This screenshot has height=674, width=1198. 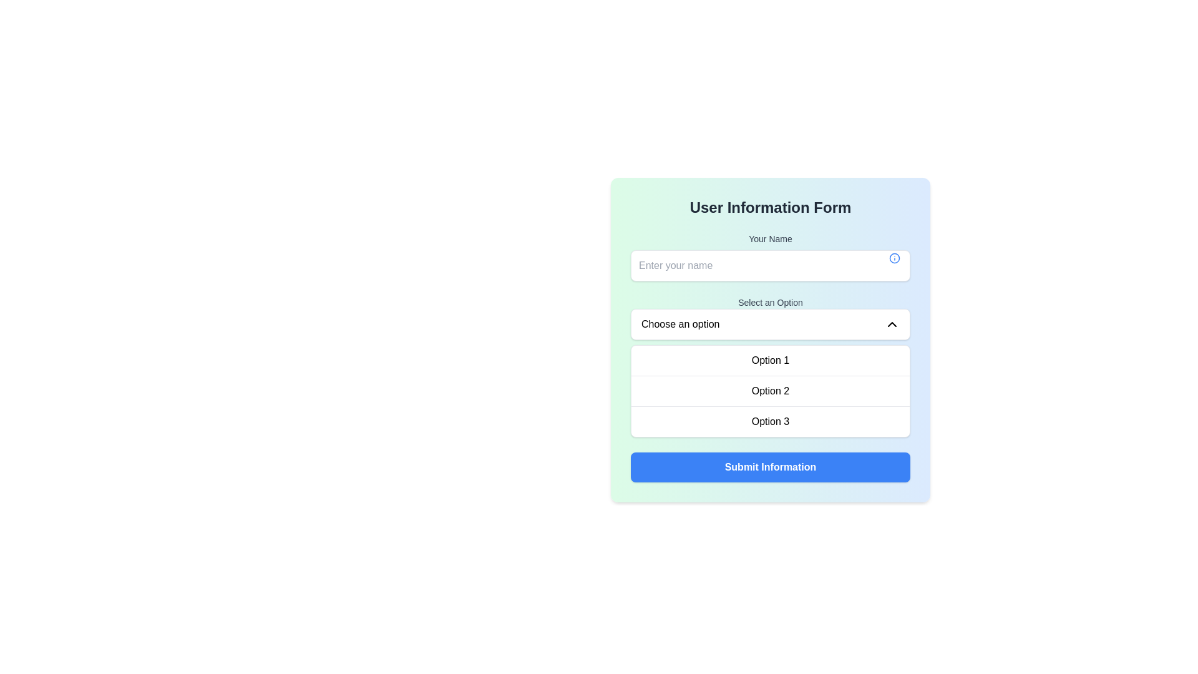 What do you see at coordinates (769, 361) in the screenshot?
I see `the first item in the dropdown menu labeled 'Option 1'` at bounding box center [769, 361].